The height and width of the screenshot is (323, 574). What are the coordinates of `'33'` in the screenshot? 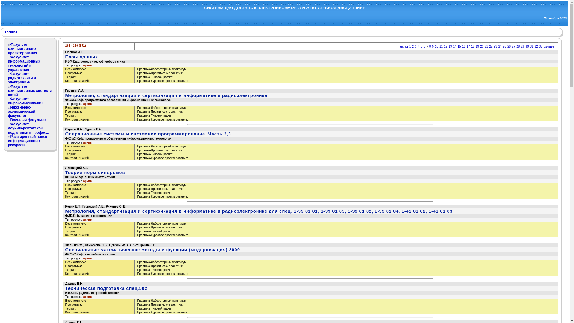 It's located at (541, 46).